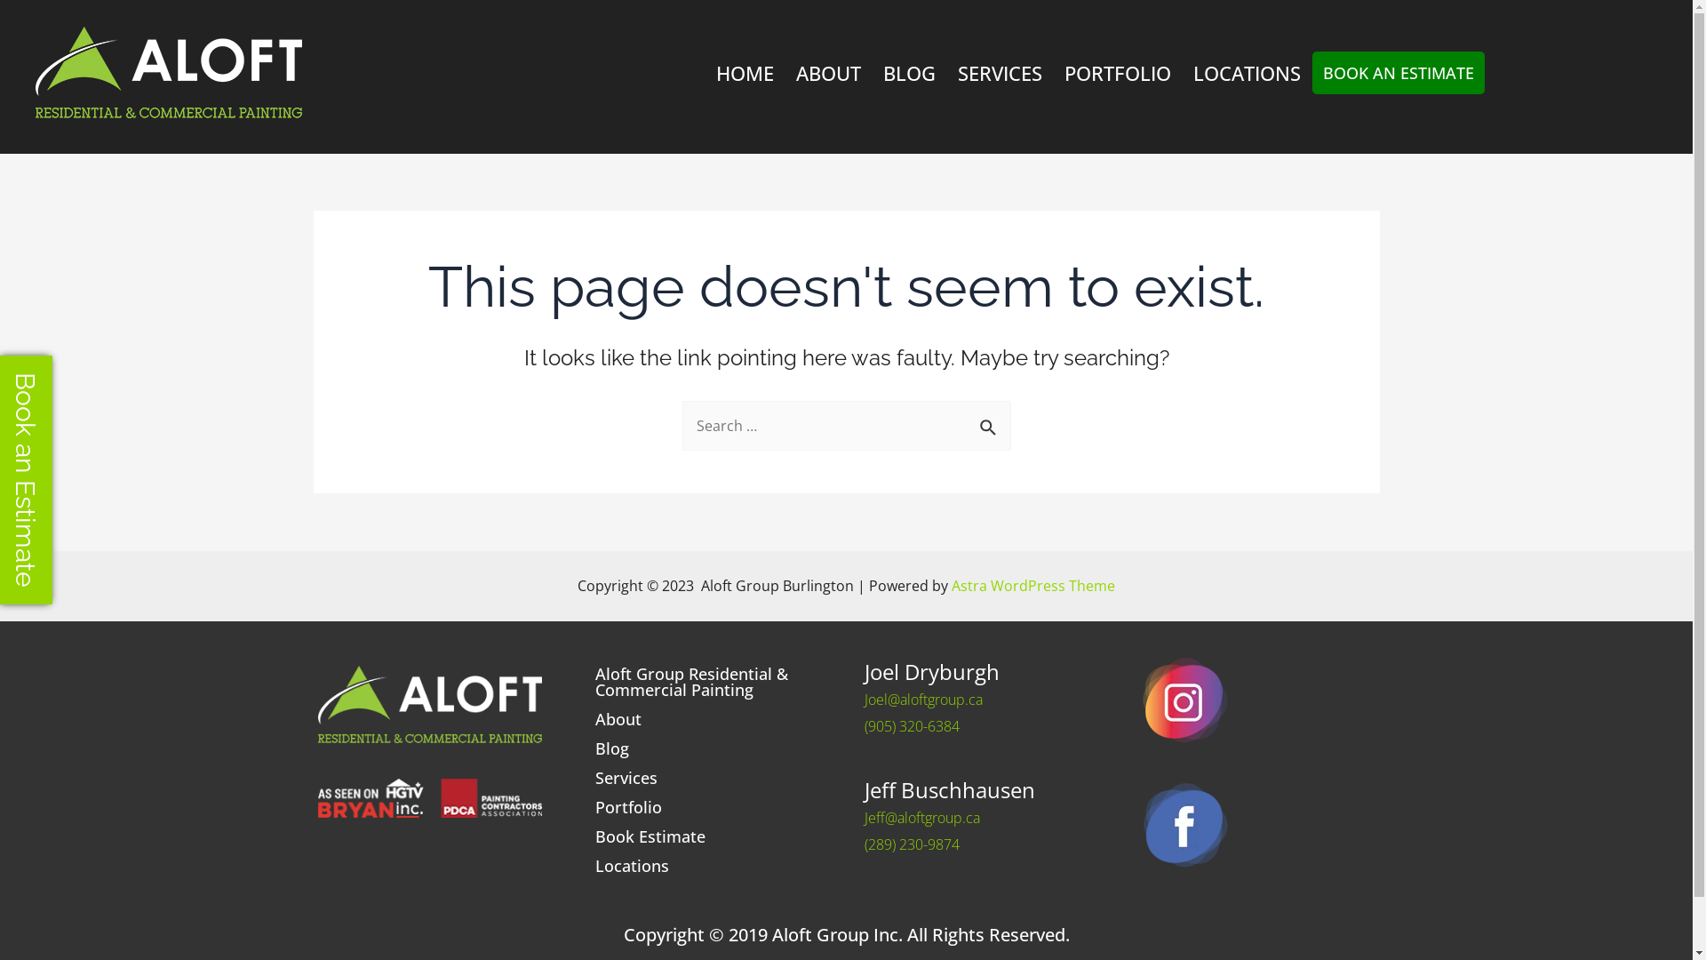  Describe the element at coordinates (1116, 71) in the screenshot. I see `'PORTFOLIO'` at that location.